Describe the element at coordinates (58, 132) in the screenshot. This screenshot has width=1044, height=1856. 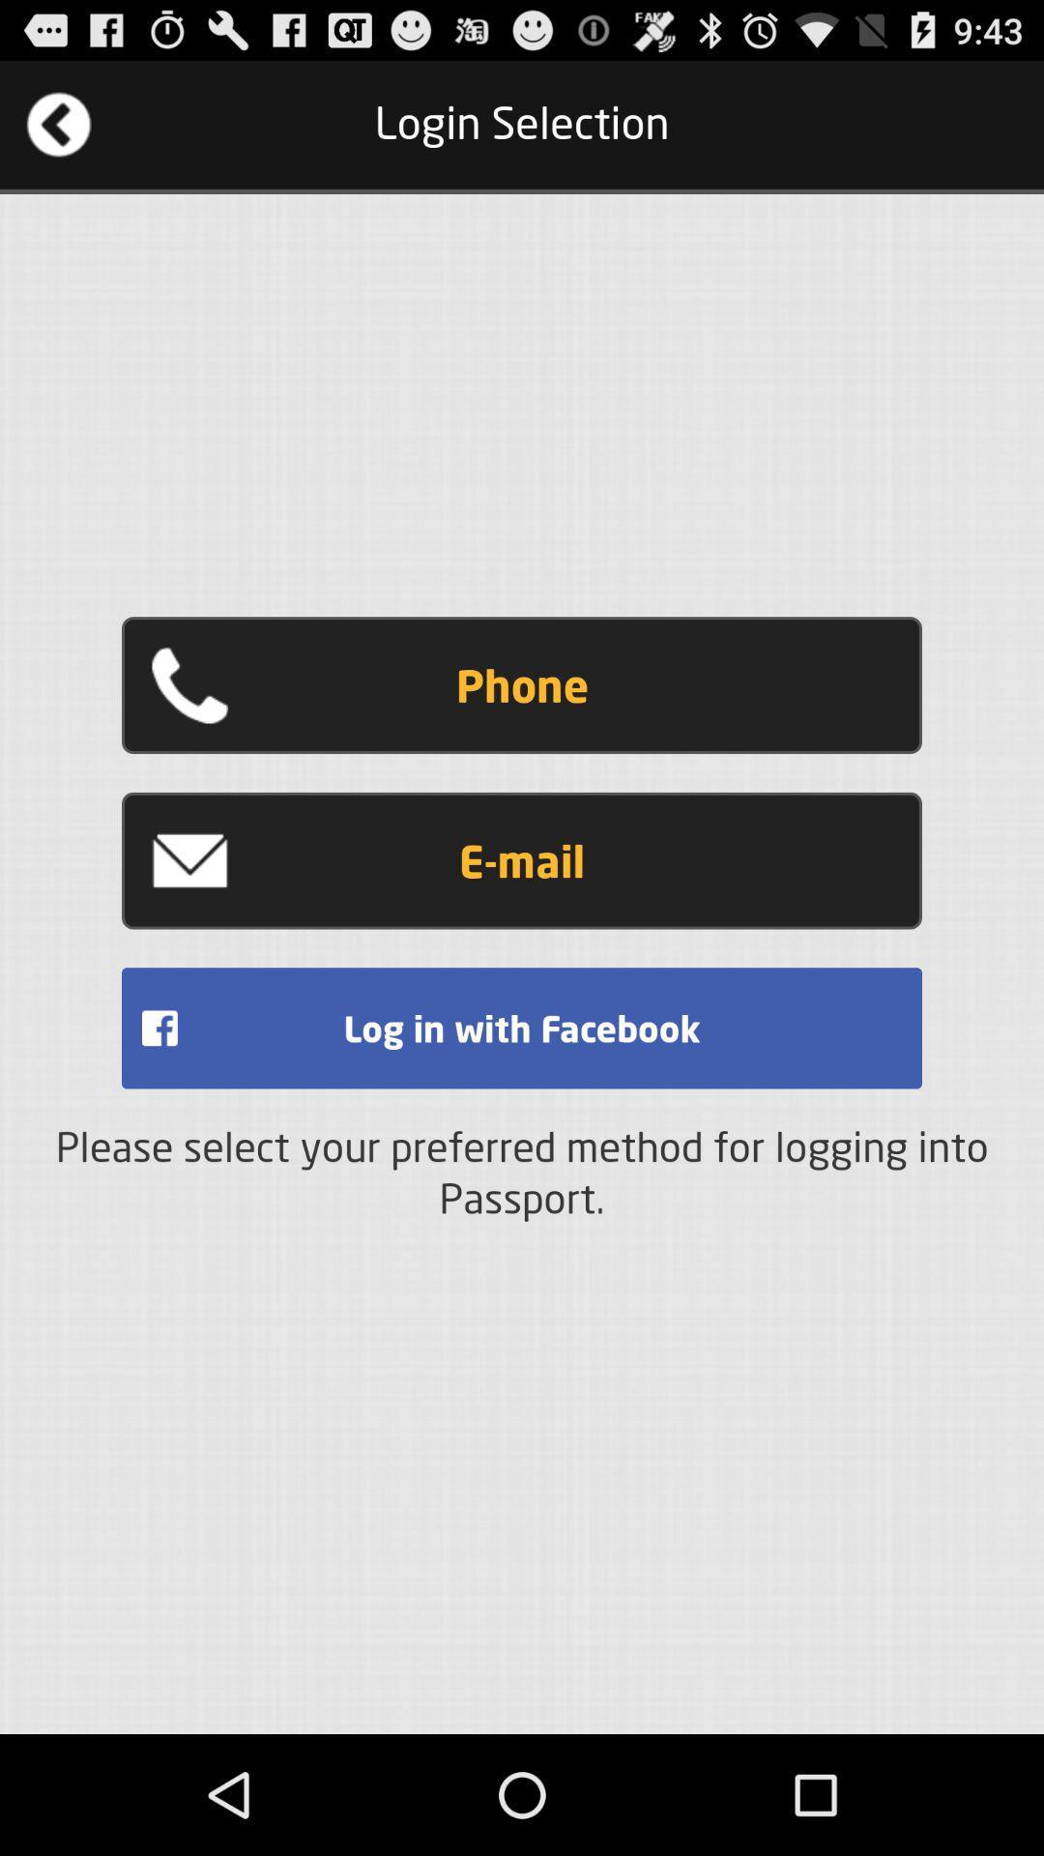
I see `the arrow_backward icon` at that location.